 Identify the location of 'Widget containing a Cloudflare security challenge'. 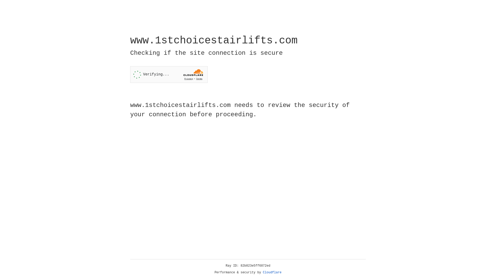
(169, 74).